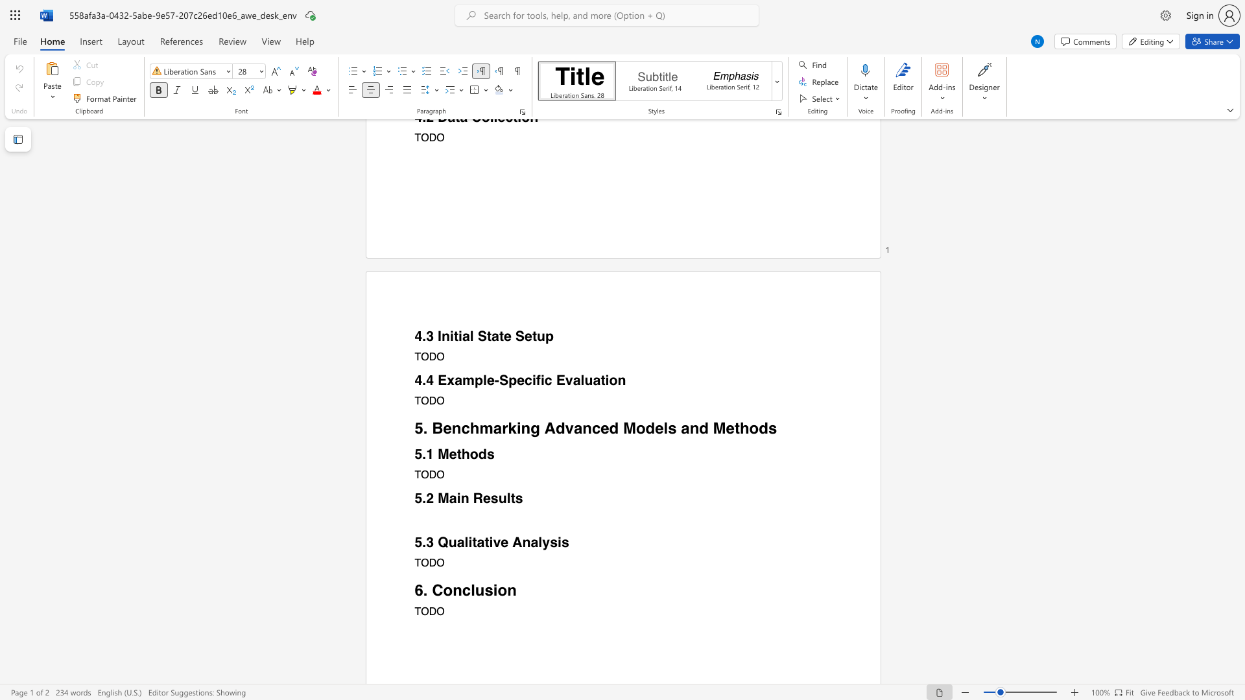 Image resolution: width=1245 pixels, height=700 pixels. What do you see at coordinates (530, 428) in the screenshot?
I see `the subset text "g Advanced Models and Metho" within the text "5. Benchmarking Advanced Models and Methods"` at bounding box center [530, 428].